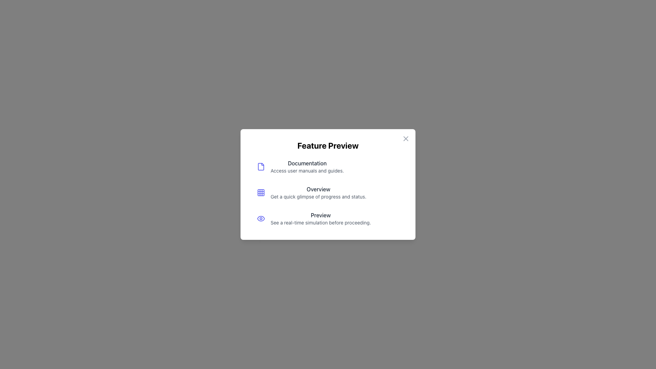 The image size is (656, 369). Describe the element at coordinates (318, 196) in the screenshot. I see `the descriptive text label located directly below the 'Overview' title, which provides additional context for the section` at that location.